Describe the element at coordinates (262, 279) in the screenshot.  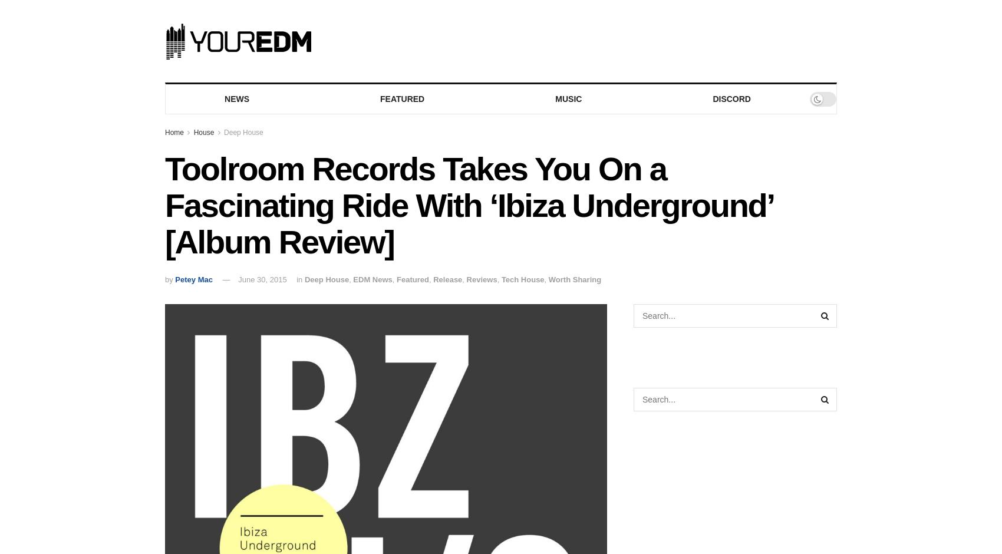
I see `'June 30, 2015'` at that location.